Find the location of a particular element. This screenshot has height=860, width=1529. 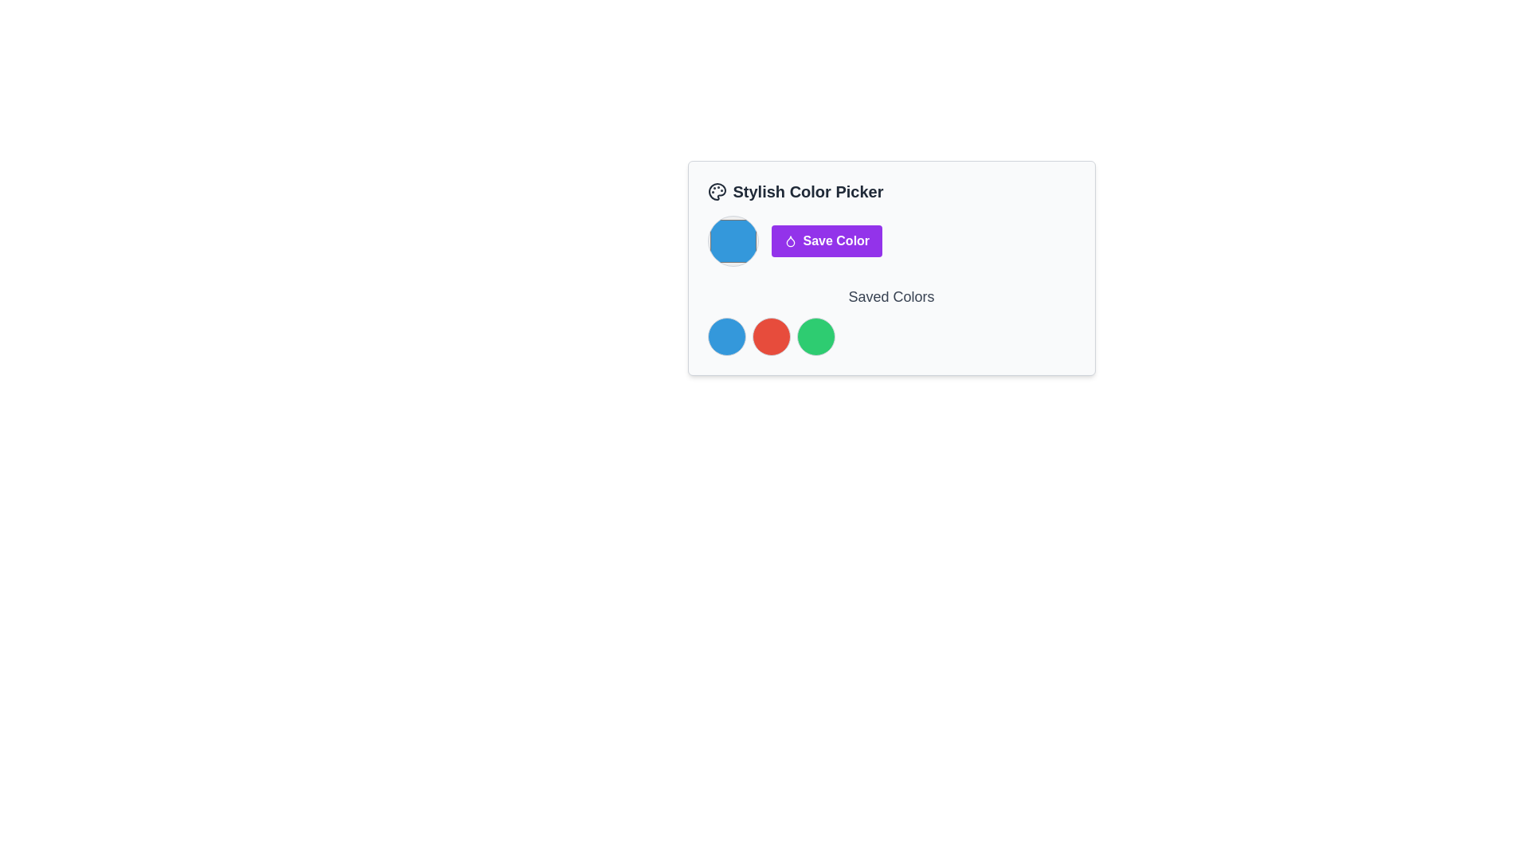

the 'Save Color' icon located inside a purple rectangular button near the top-right corner of the interface is located at coordinates (790, 241).